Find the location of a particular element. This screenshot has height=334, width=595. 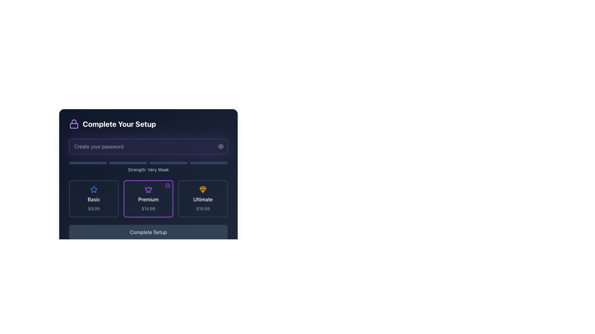

the decorative icon representing the 'Ultimate' subscription tier, located above the 'Ultimate' label and '$19.99' price is located at coordinates (203, 189).